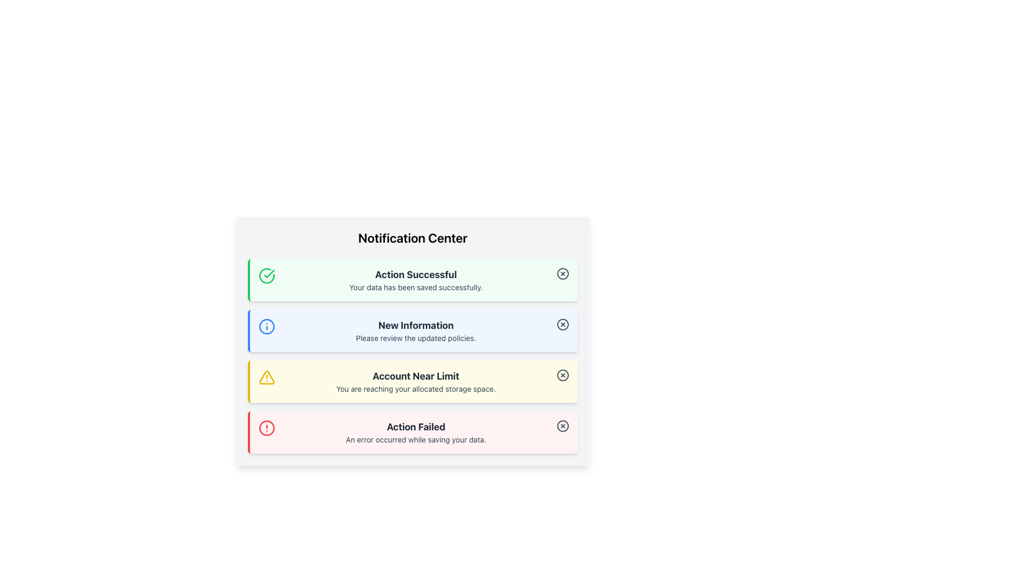  I want to click on the text line that reads 'You are reaching your allocated storage space.' which is located below the bold headline 'Account Near Limit' within a yellow background section, so click(416, 389).